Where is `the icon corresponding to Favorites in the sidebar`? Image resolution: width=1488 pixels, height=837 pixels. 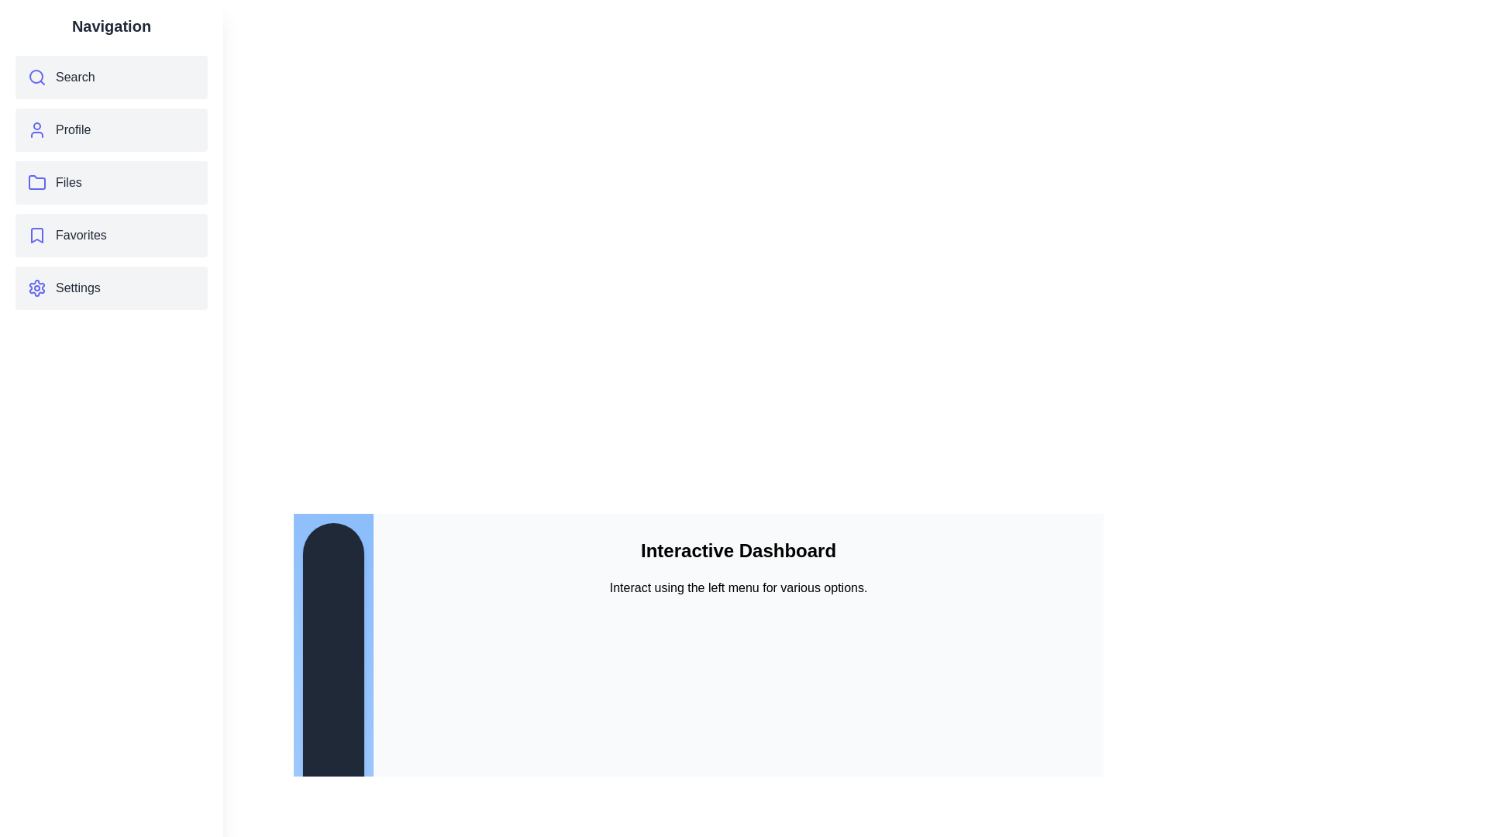 the icon corresponding to Favorites in the sidebar is located at coordinates (37, 236).